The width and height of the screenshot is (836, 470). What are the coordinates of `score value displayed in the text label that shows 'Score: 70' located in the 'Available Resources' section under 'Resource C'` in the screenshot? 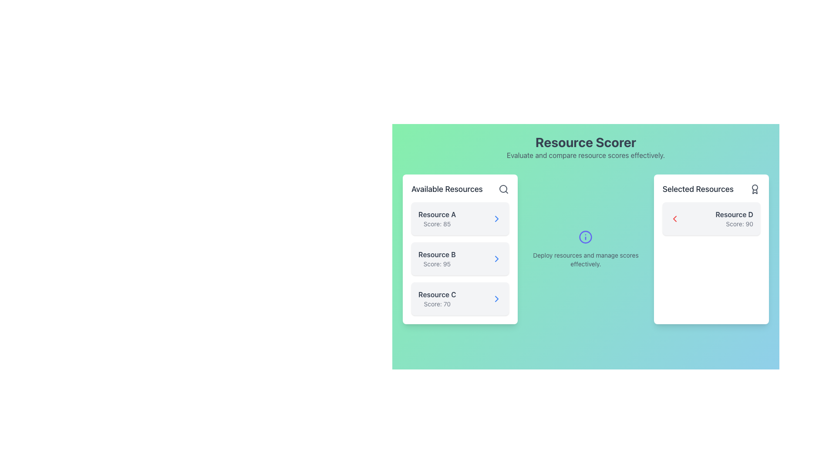 It's located at (437, 303).